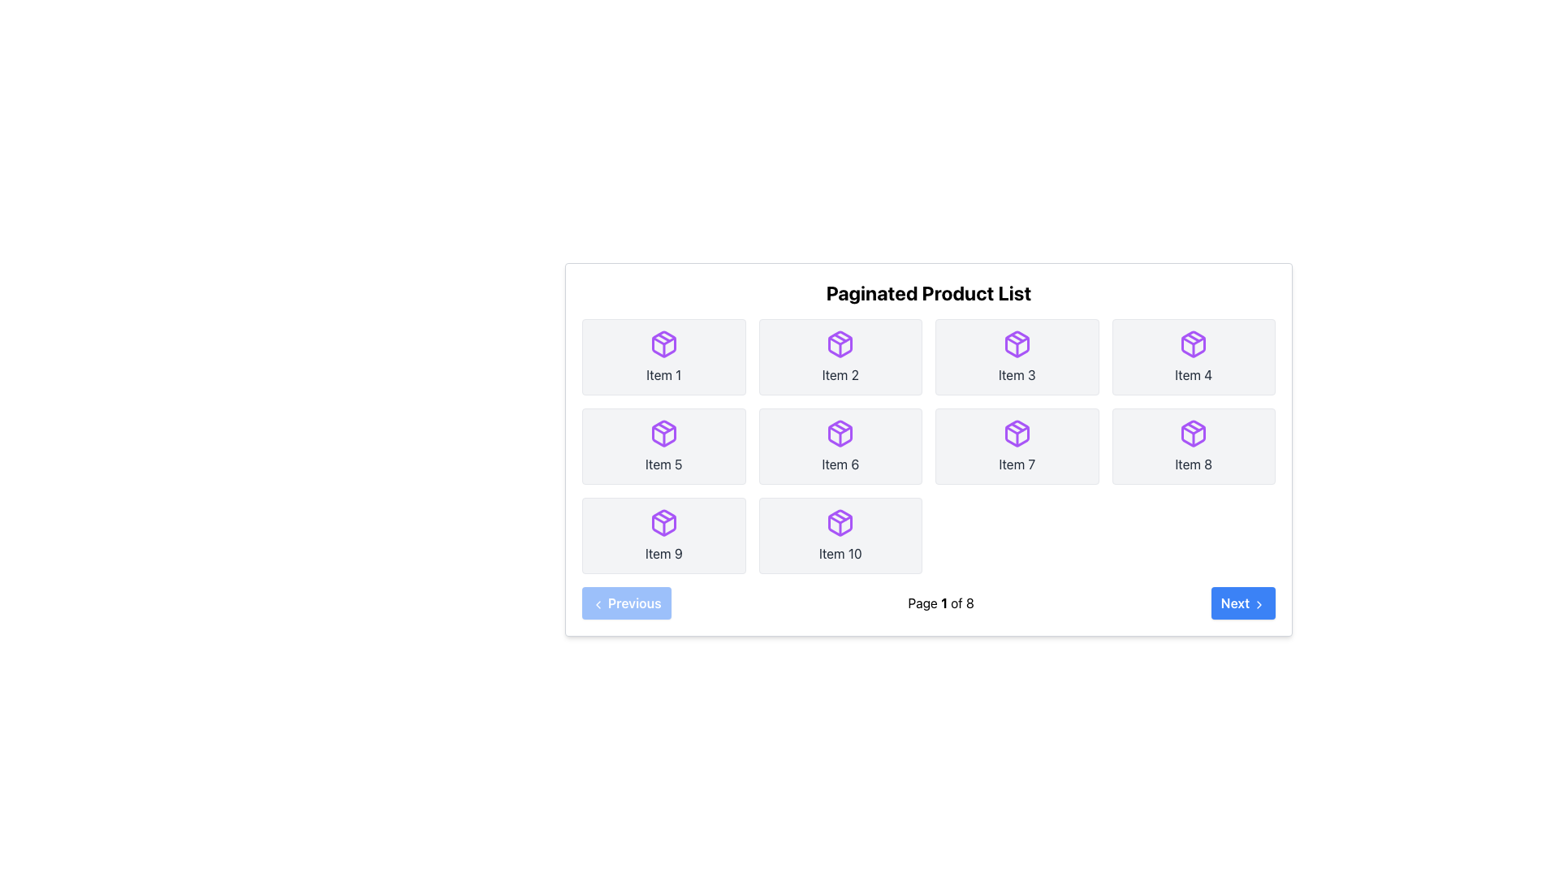  What do you see at coordinates (1242, 603) in the screenshot?
I see `the blue 'Next' button with a rightward arrow icon` at bounding box center [1242, 603].